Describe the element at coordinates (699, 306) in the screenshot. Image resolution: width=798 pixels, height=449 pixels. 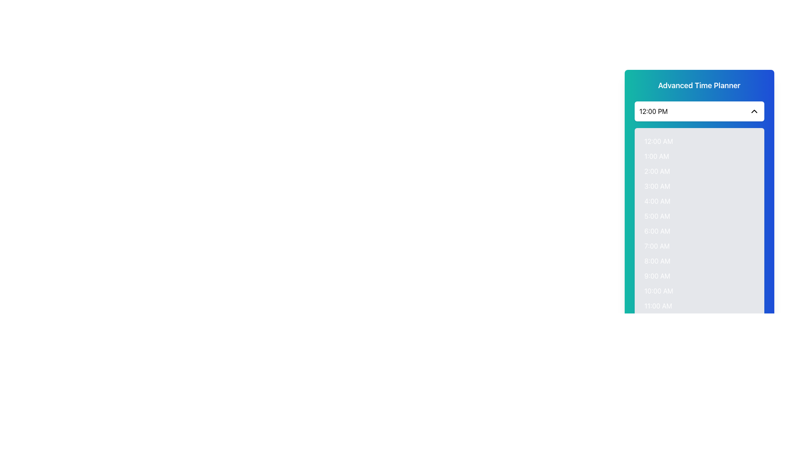
I see `the selectable time option button located at the twelfth position in the vertical list of times` at that location.